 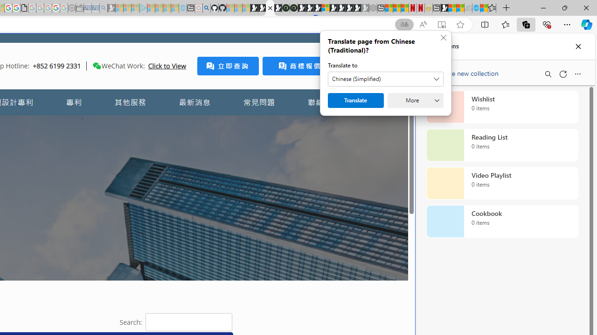 What do you see at coordinates (24, 8) in the screenshot?
I see `'google_privacy_policy_zh-CN.pdf'` at bounding box center [24, 8].